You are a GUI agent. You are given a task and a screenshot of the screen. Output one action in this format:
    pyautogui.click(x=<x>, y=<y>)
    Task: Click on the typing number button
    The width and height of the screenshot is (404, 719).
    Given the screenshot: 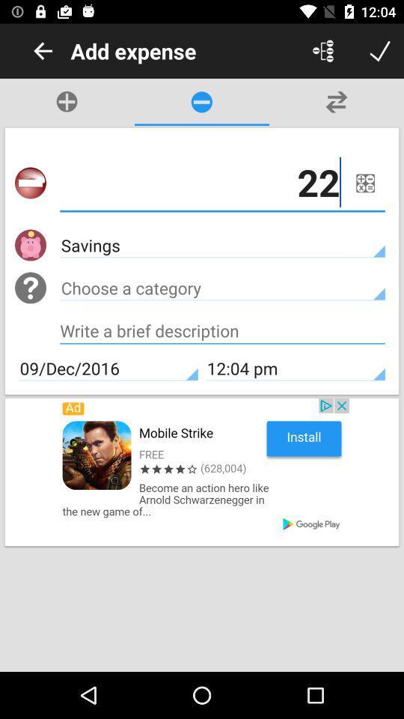 What is the action you would take?
    pyautogui.click(x=221, y=333)
    